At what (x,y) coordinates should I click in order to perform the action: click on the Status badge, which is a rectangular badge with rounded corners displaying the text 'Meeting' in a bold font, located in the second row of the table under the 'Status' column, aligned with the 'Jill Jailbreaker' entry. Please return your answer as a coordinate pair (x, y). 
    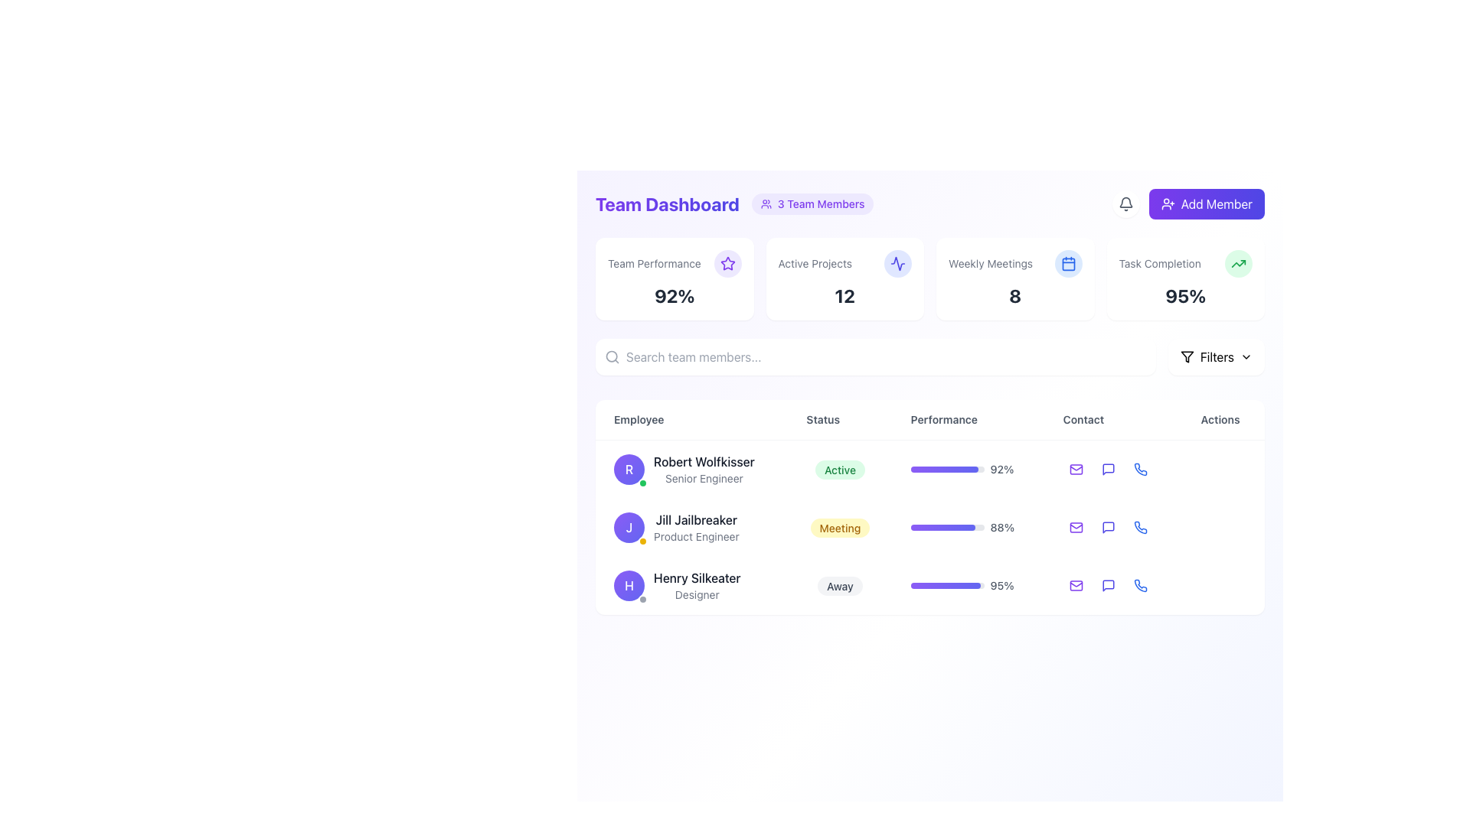
    Looking at the image, I should click on (839, 527).